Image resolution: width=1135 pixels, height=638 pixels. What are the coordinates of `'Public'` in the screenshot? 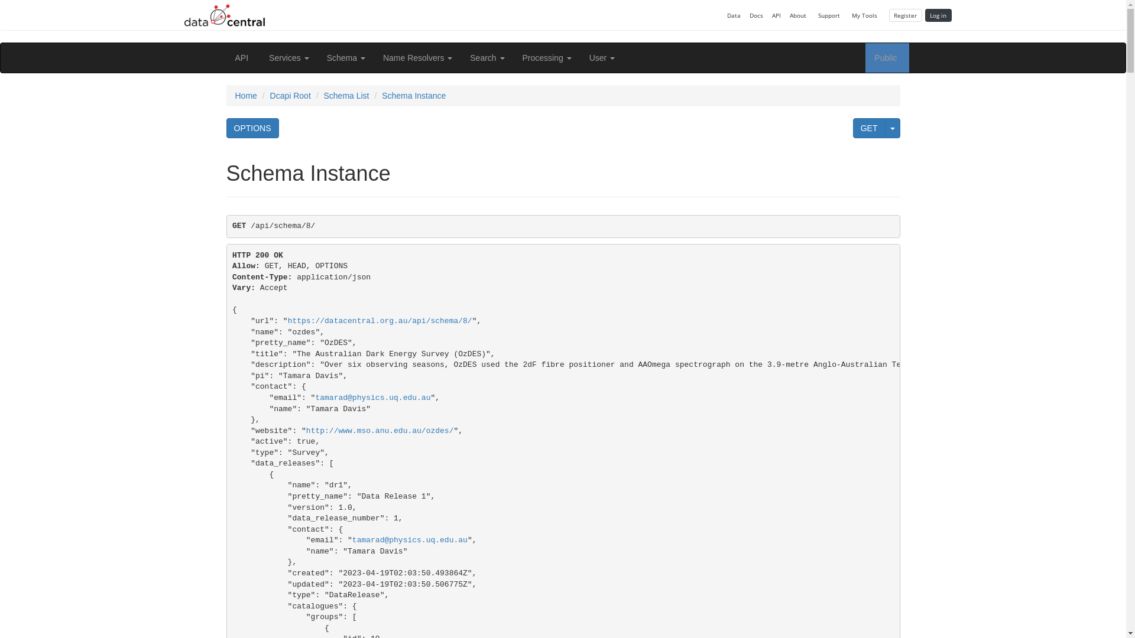 It's located at (865, 57).